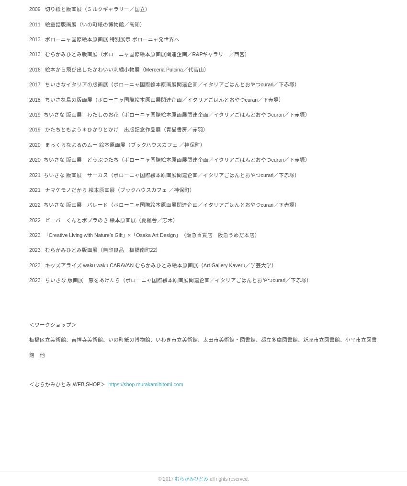 This screenshot has height=486, width=407. I want to click on '2013   ボローニャ国際絵本原画展 特別展示 ボローニャ発世界へ', so click(104, 38).